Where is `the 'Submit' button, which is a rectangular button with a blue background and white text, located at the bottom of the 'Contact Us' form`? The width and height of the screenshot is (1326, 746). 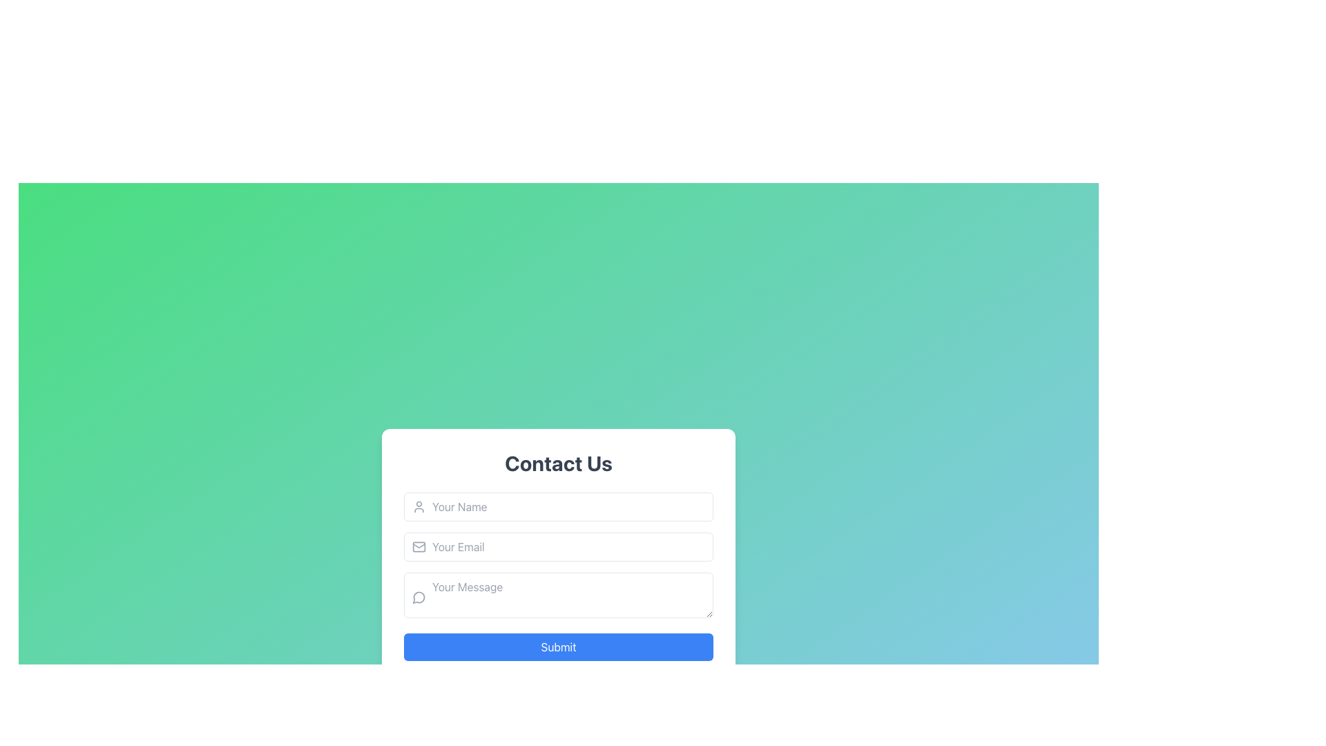
the 'Submit' button, which is a rectangular button with a blue background and white text, located at the bottom of the 'Contact Us' form is located at coordinates (559, 647).